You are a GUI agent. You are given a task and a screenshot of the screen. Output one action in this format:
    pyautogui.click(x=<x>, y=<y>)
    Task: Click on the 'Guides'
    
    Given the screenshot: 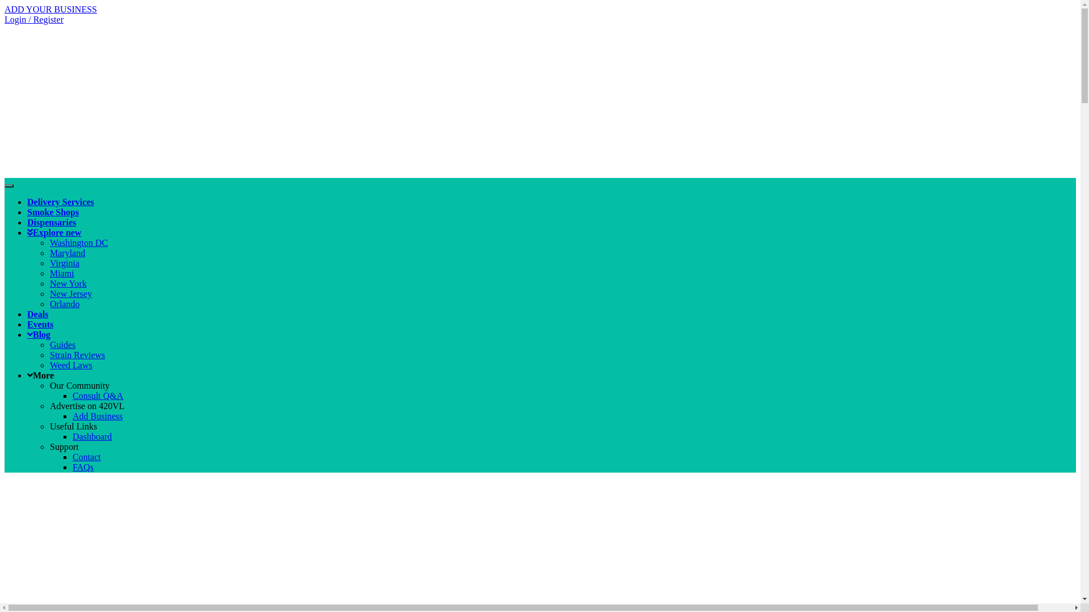 What is the action you would take?
    pyautogui.click(x=62, y=344)
    